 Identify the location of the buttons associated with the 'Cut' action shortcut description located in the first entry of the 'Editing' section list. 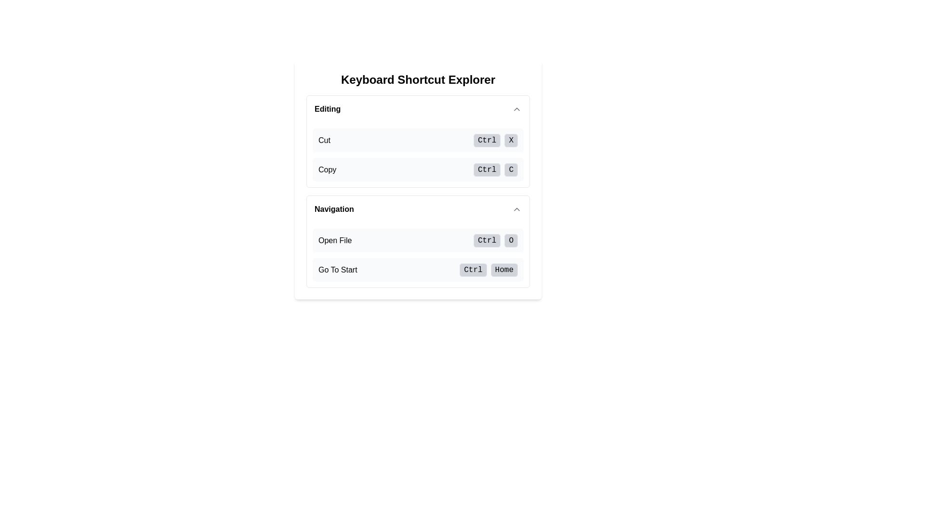
(418, 140).